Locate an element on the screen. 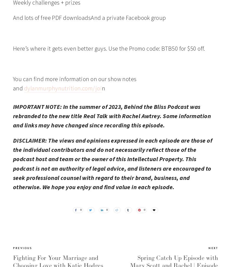  'dylanmurphynutrition.com/joi' is located at coordinates (63, 88).